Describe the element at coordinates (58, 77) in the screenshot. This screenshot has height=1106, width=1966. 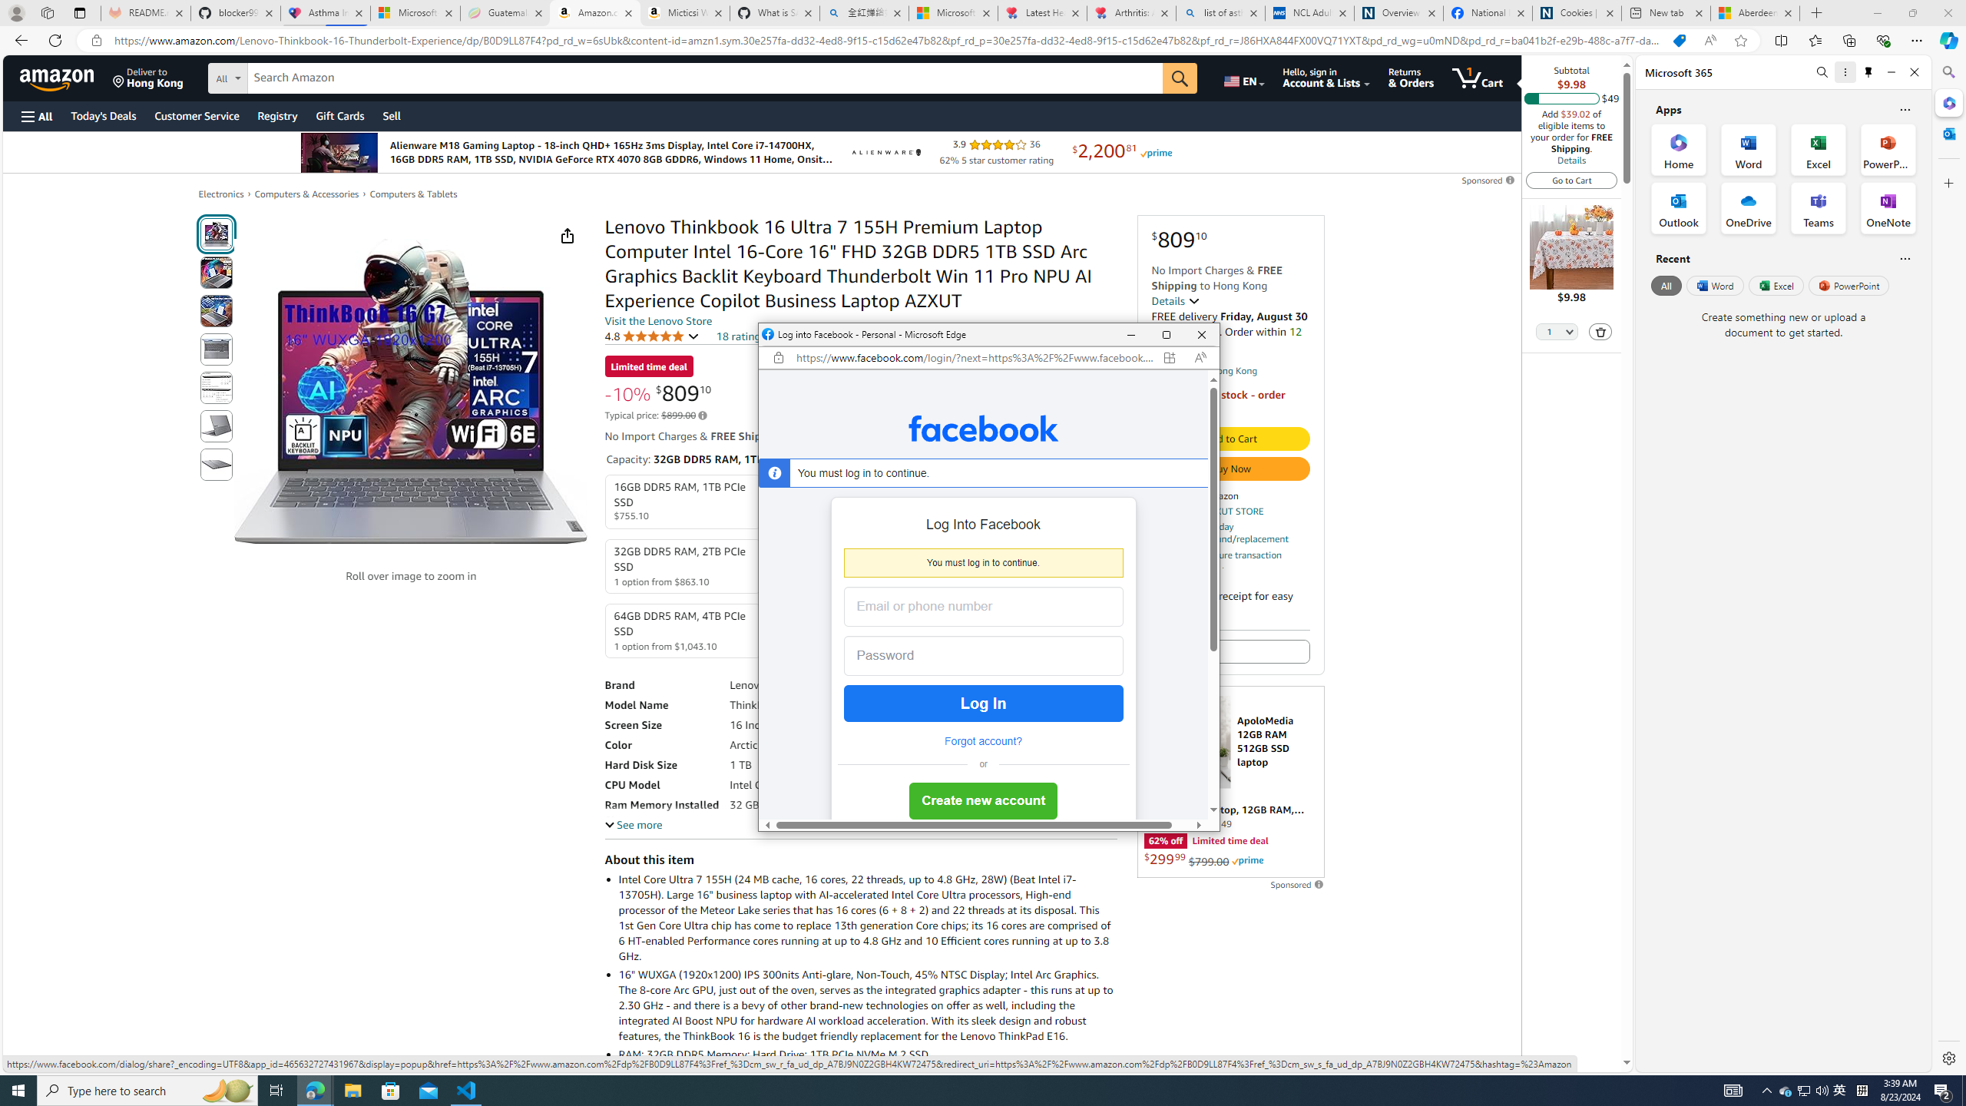
I see `'Amazon'` at that location.